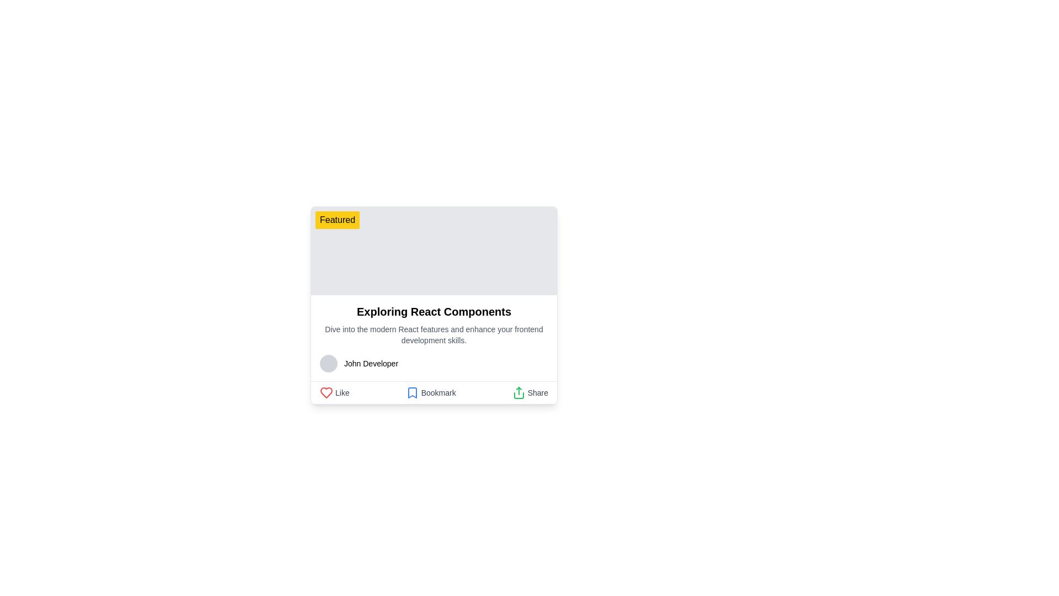 This screenshot has height=596, width=1059. What do you see at coordinates (411, 392) in the screenshot?
I see `the blue bookmark icon in the middle of the horizontal icon set located below the 'Exploring React Components' section` at bounding box center [411, 392].